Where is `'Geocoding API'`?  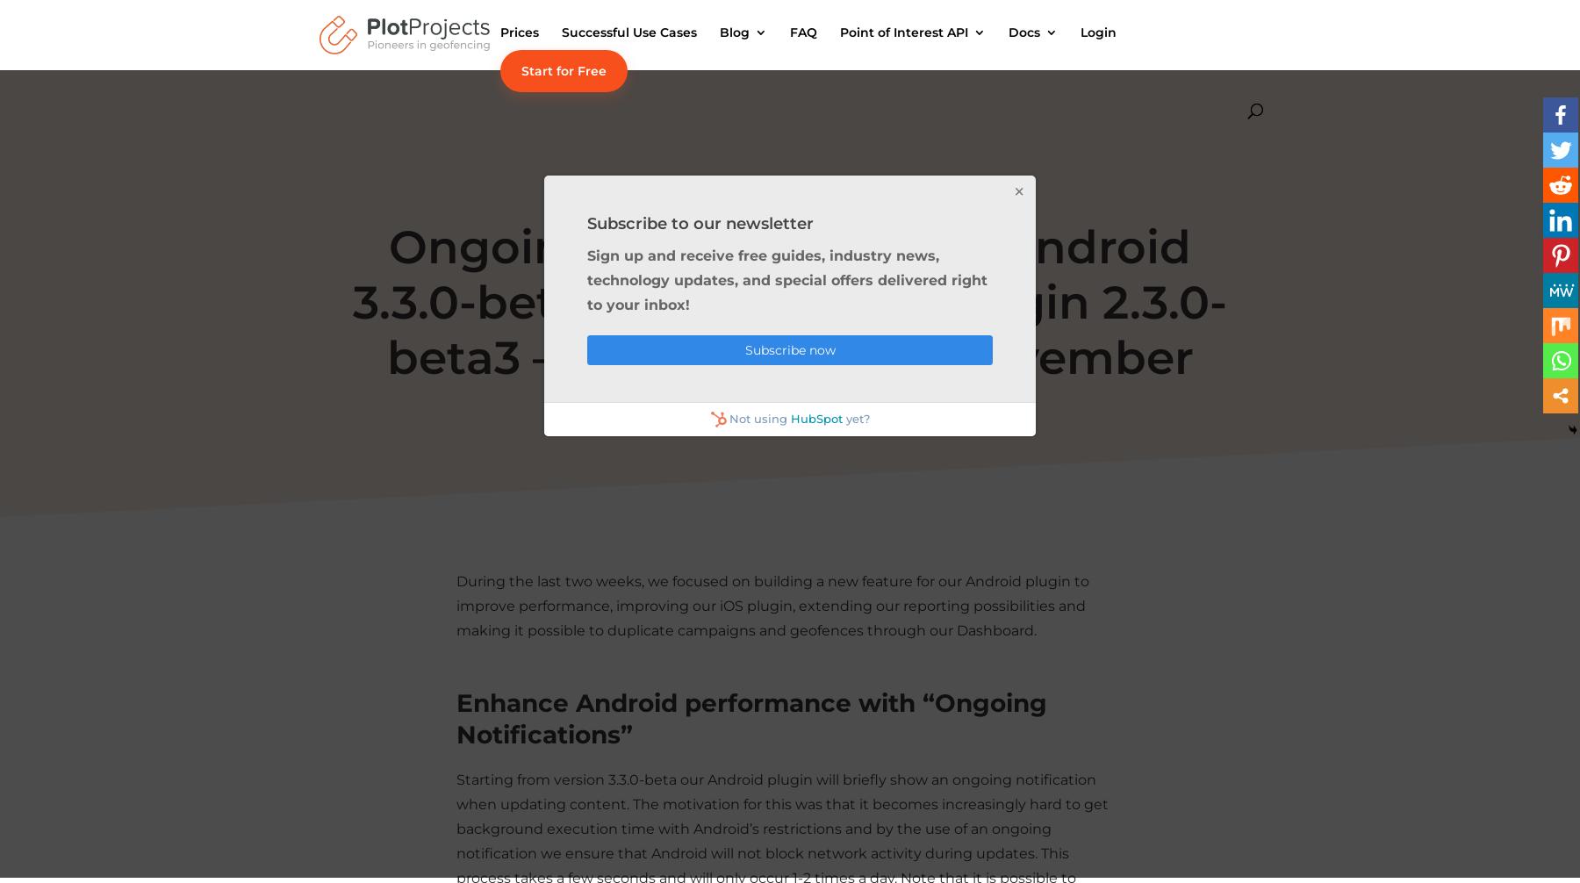 'Geocoding API' is located at coordinates (874, 162).